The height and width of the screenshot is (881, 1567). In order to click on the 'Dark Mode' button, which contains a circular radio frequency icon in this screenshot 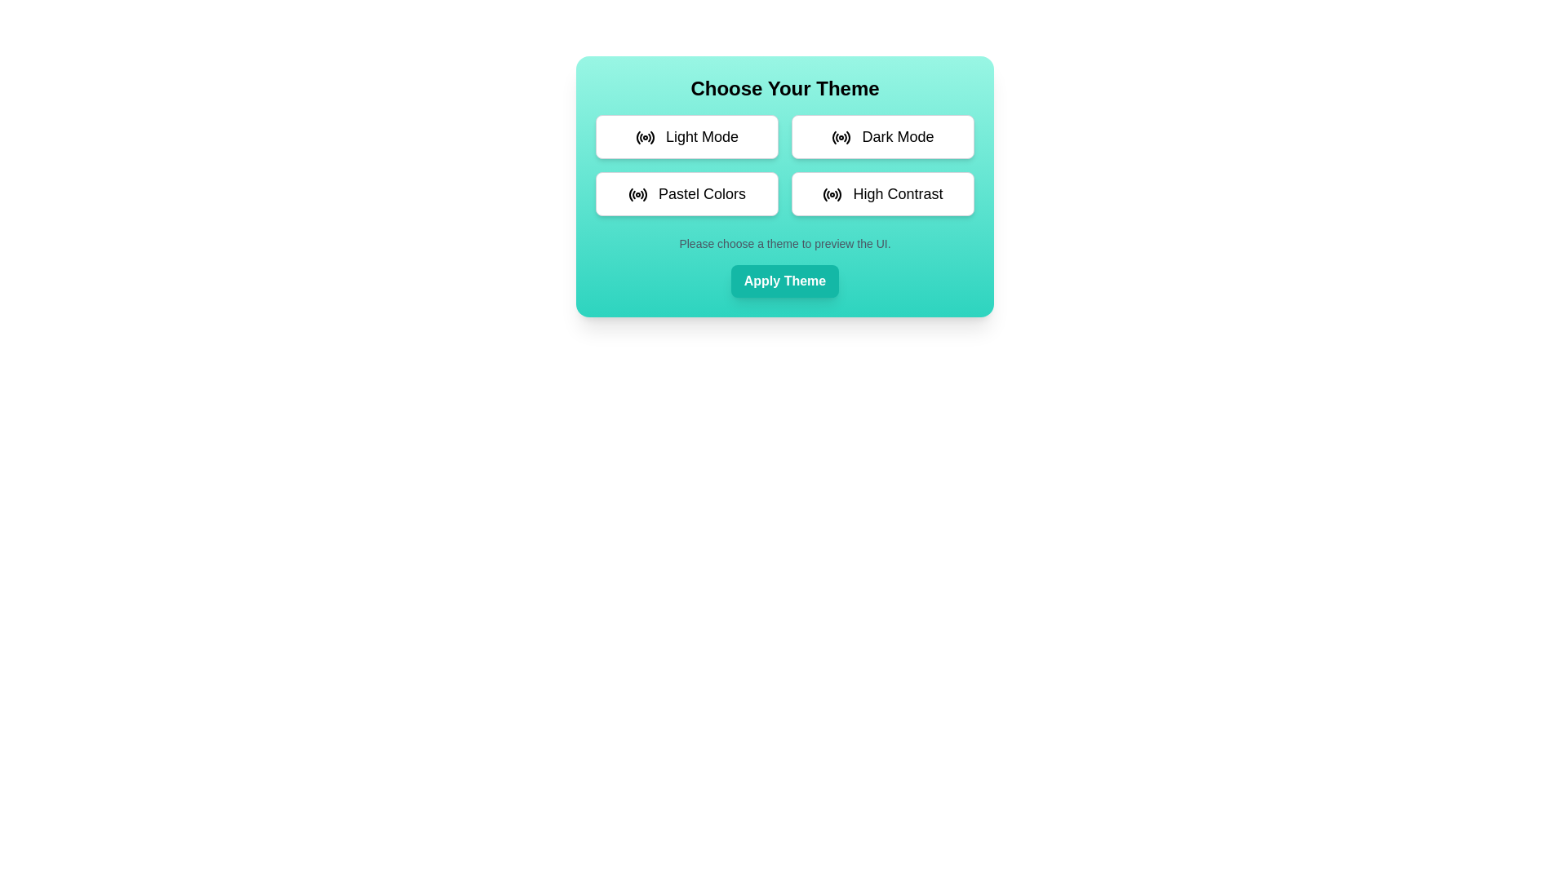, I will do `click(841, 137)`.